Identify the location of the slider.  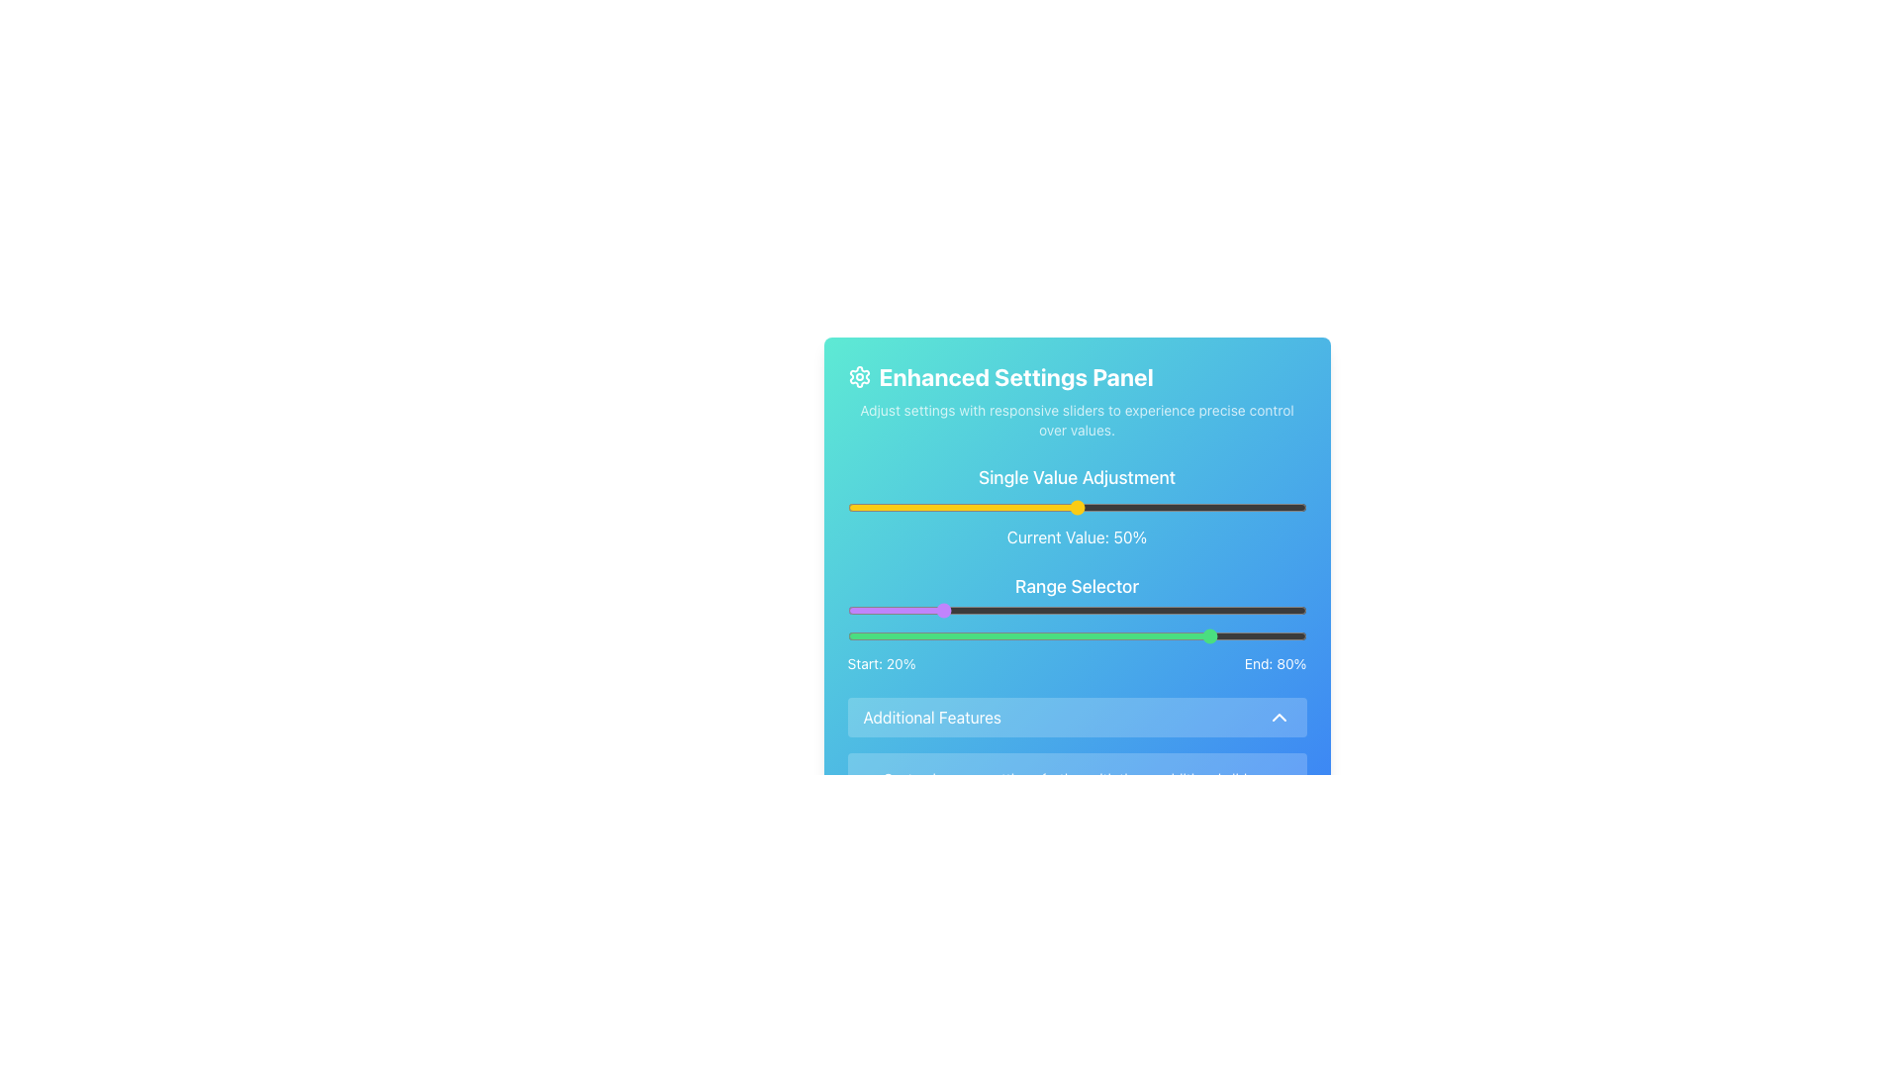
(1232, 507).